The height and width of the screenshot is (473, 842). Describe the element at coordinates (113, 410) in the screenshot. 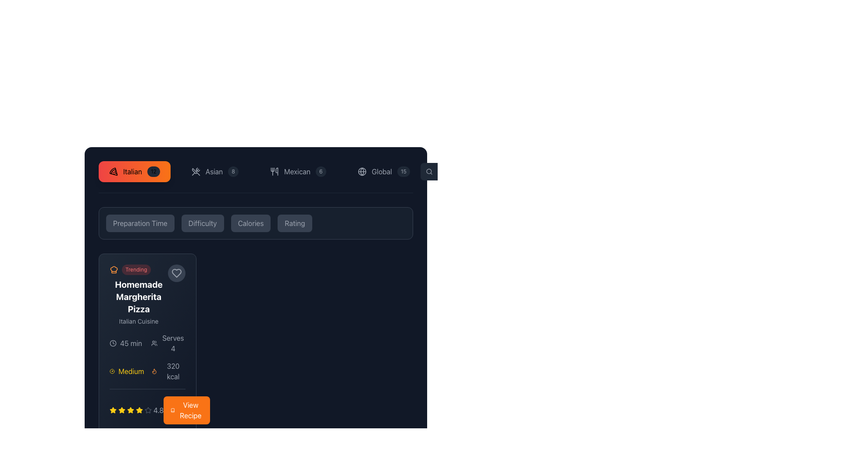

I see `the star icon that indicates a rating for the 'Homemade Margherita Pizza'` at that location.